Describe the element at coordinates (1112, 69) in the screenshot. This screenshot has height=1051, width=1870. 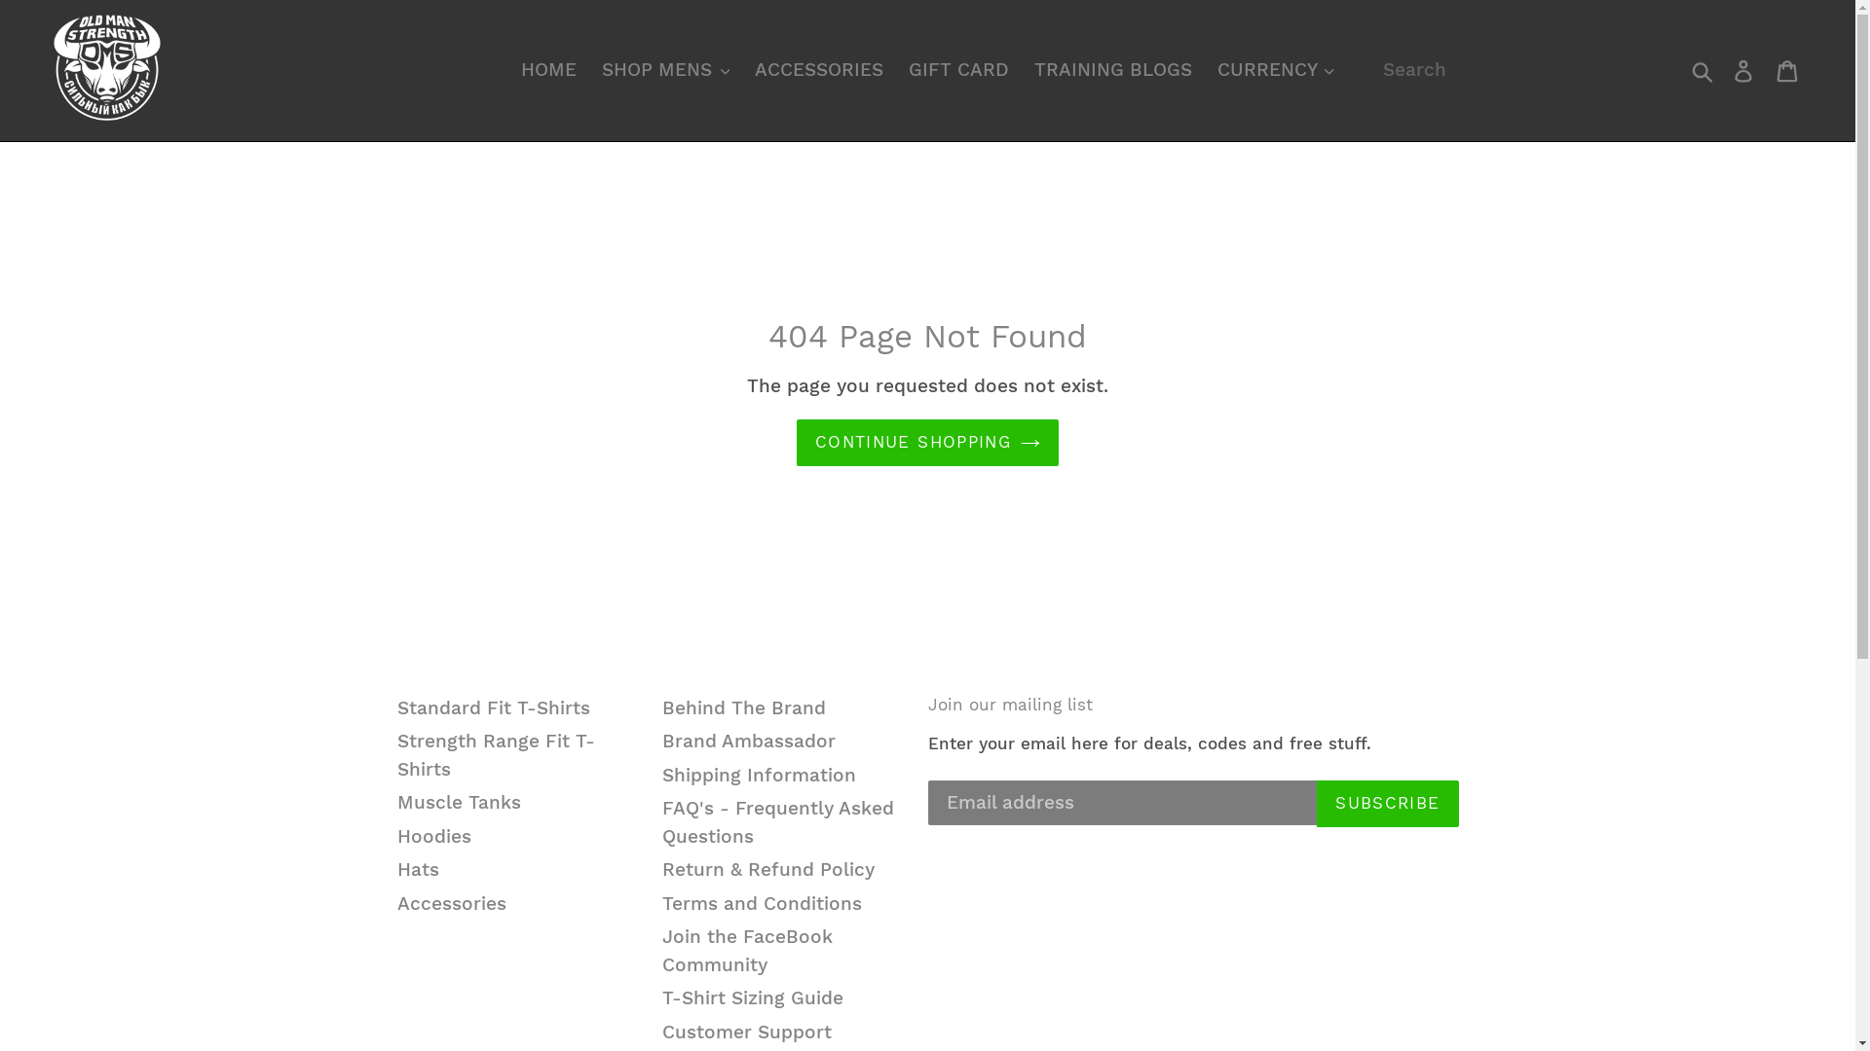
I see `'TRAINING BLOGS'` at that location.